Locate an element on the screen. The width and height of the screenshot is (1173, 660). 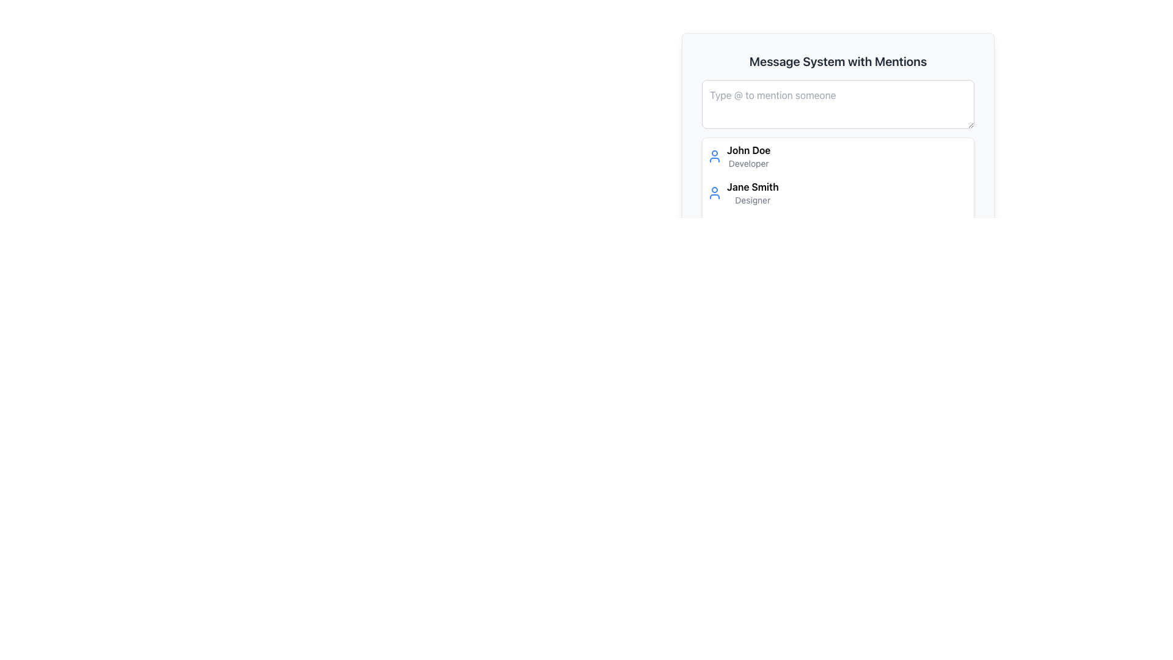
the Text Label displaying 'John Doe' in bold font, which is positioned above the descriptive text 'Developer' in the right panel of the interface is located at coordinates (748, 150).